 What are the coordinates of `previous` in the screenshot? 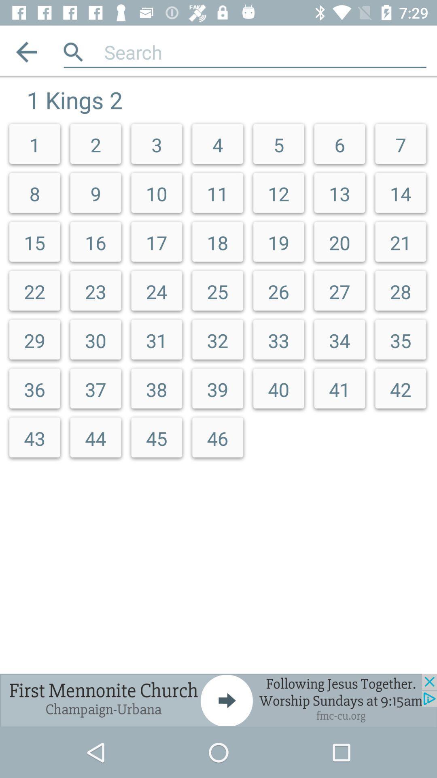 It's located at (26, 51).